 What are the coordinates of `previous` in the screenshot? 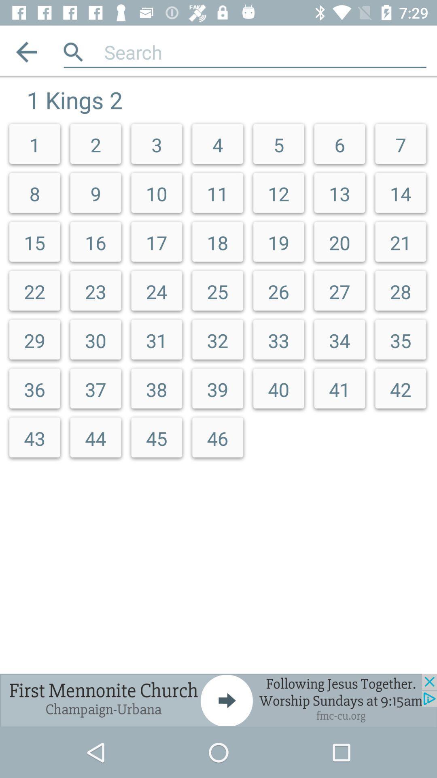 It's located at (26, 51).